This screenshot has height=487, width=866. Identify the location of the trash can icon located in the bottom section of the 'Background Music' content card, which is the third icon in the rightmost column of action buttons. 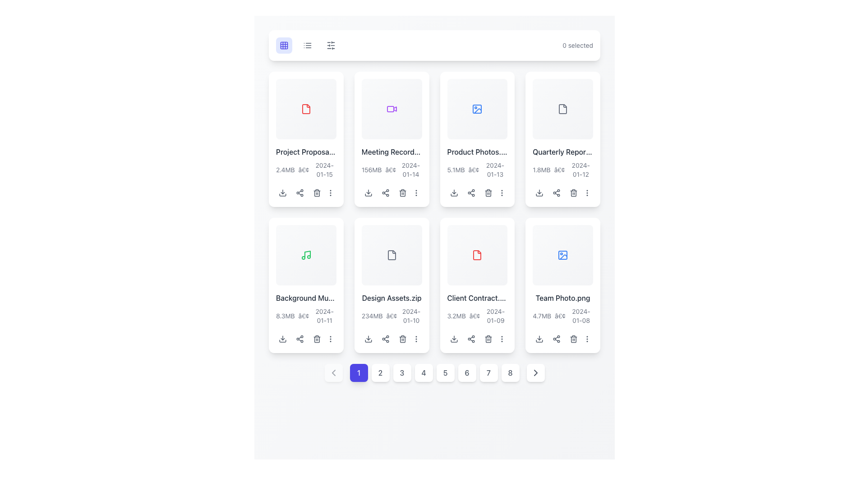
(317, 339).